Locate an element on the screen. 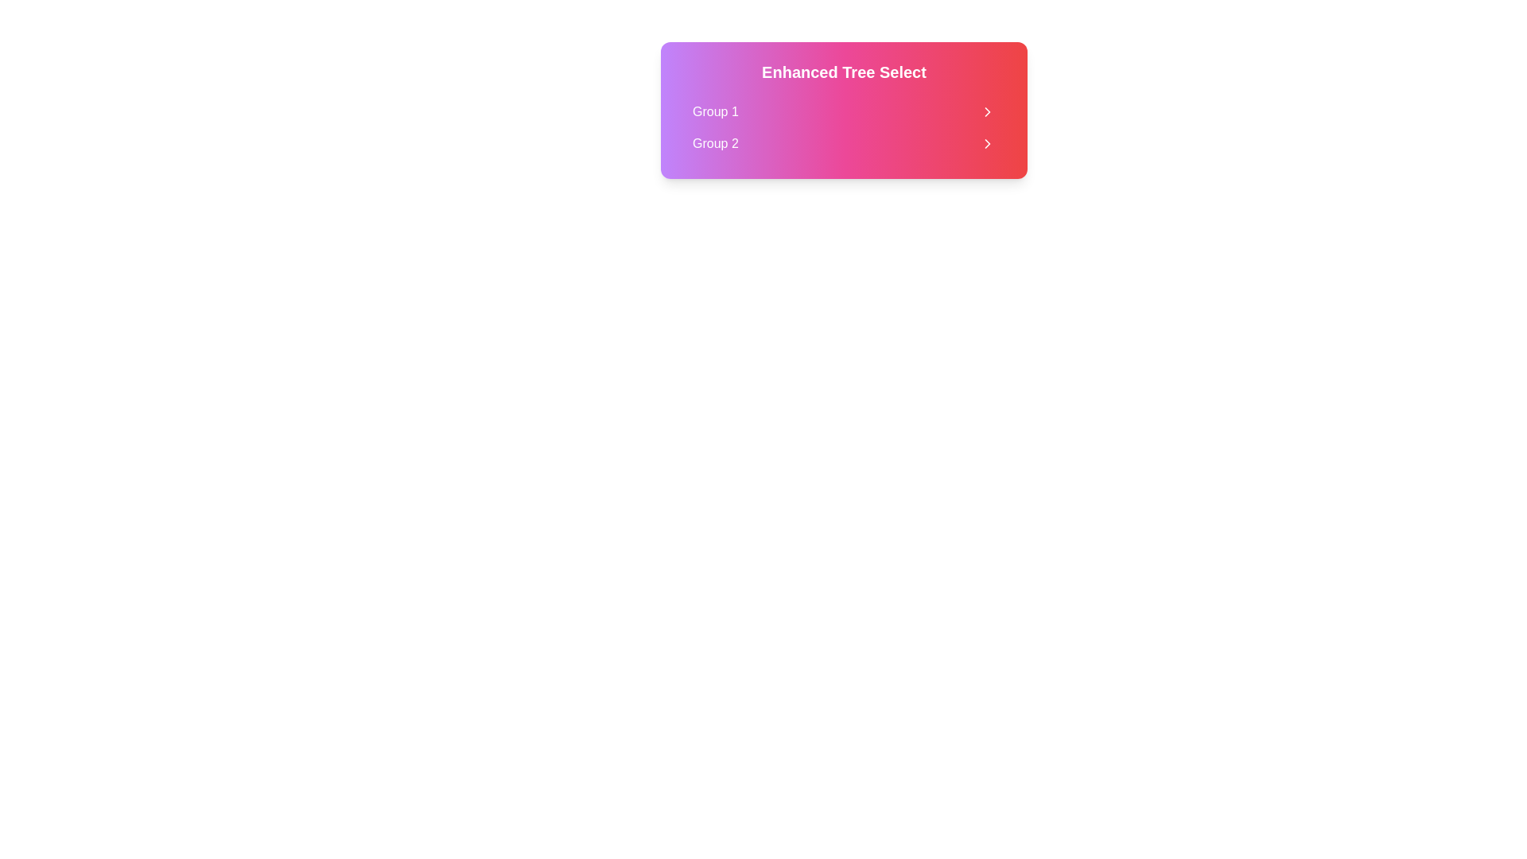  the central part of the chevron icon positioned to the right of the 'Group 2' text within a menu box, which is non-interactive but visually assists in navigation hinting is located at coordinates (987, 144).